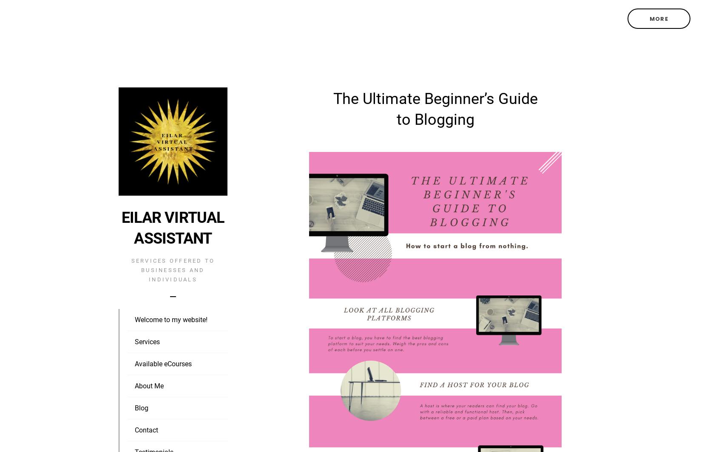 The width and height of the screenshot is (710, 452). Describe the element at coordinates (146, 430) in the screenshot. I see `'Contact'` at that location.